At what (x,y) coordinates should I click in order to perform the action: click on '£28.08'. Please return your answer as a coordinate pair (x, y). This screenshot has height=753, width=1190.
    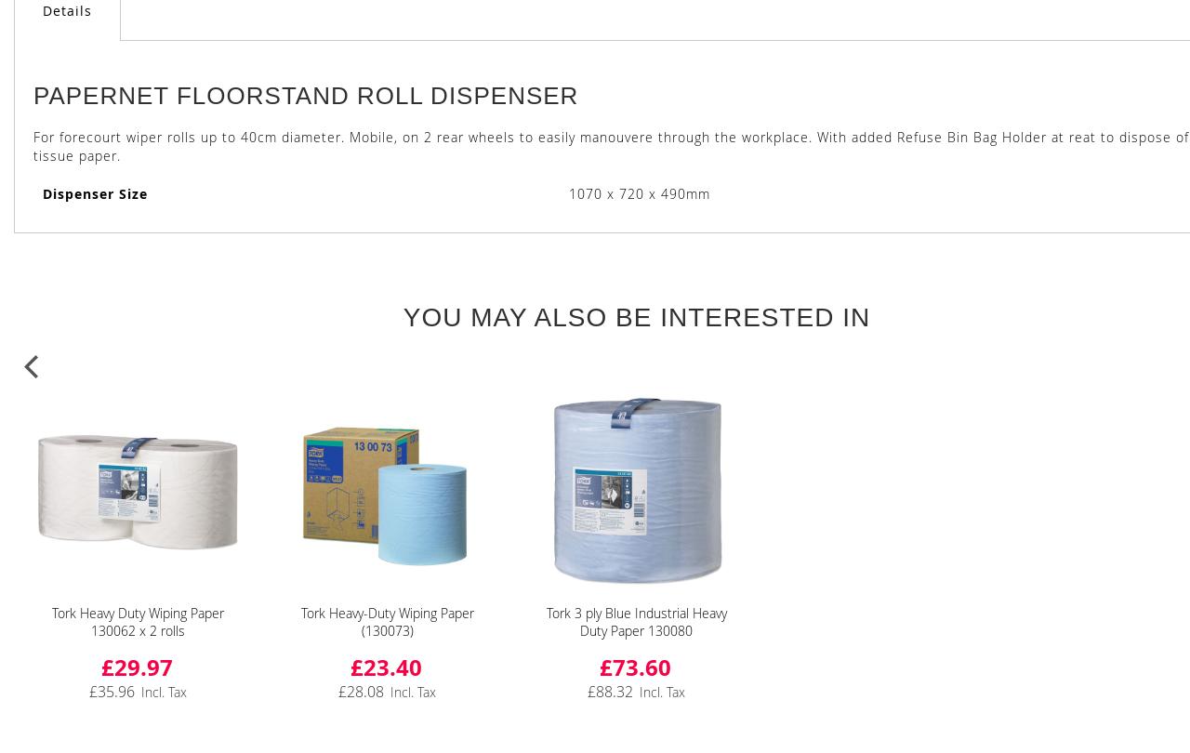
    Looking at the image, I should click on (361, 690).